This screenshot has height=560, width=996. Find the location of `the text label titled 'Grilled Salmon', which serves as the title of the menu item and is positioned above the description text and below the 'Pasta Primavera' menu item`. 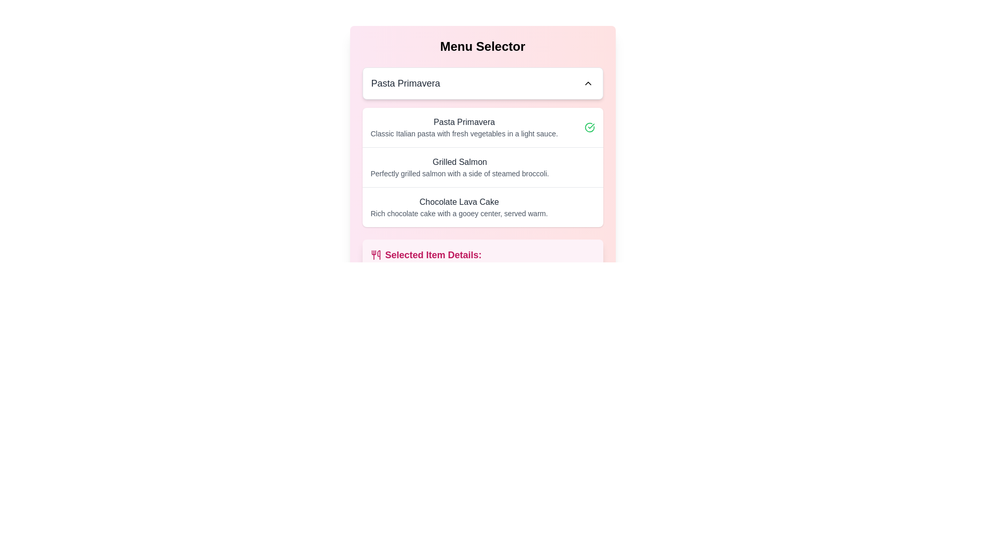

the text label titled 'Grilled Salmon', which serves as the title of the menu item and is positioned above the description text and below the 'Pasta Primavera' menu item is located at coordinates (459, 162).